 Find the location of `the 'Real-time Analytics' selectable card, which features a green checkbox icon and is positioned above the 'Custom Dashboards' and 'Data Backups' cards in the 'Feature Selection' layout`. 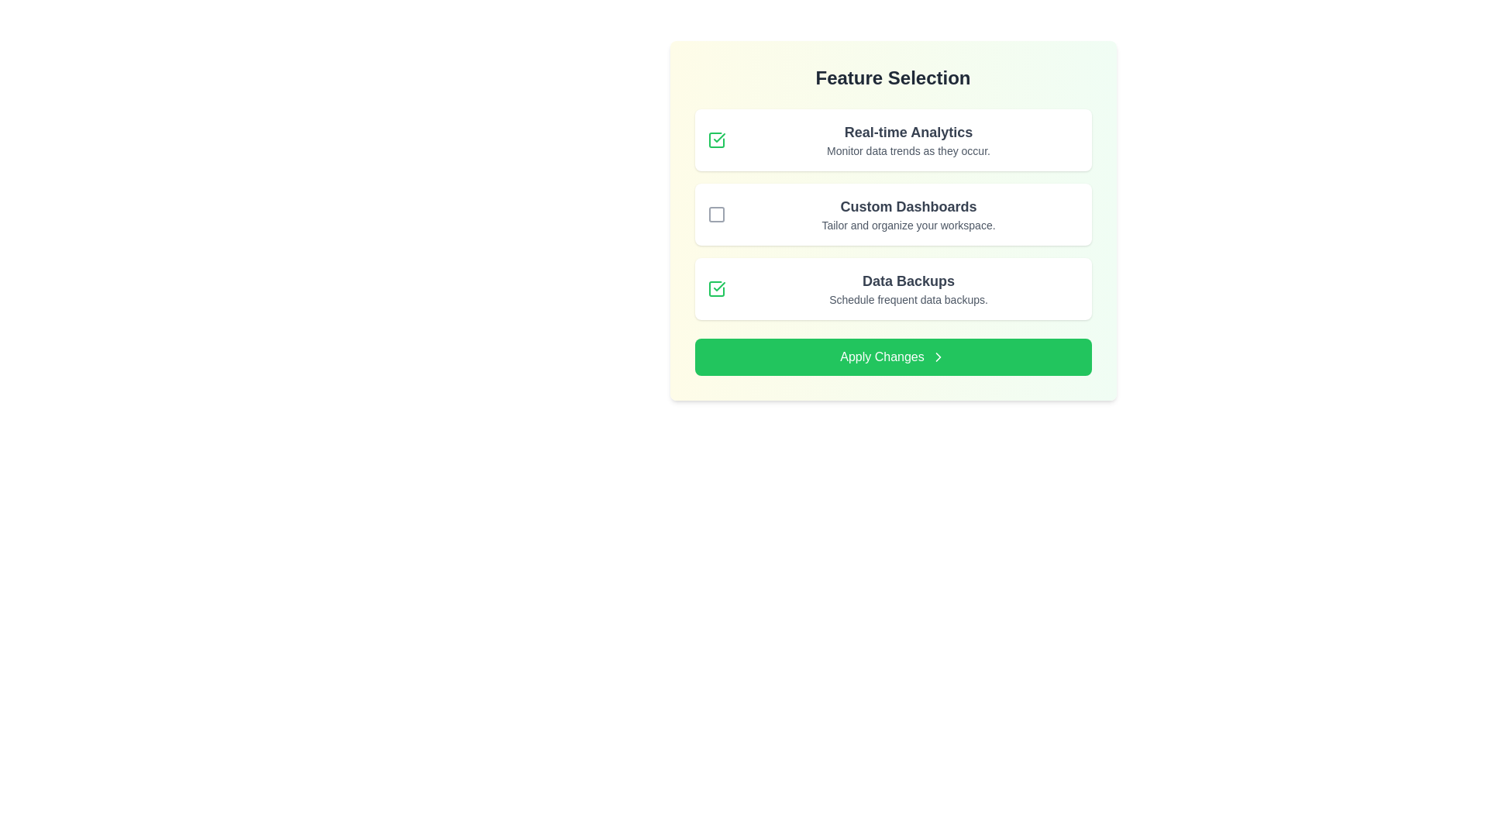

the 'Real-time Analytics' selectable card, which features a green checkbox icon and is positioned above the 'Custom Dashboards' and 'Data Backups' cards in the 'Feature Selection' layout is located at coordinates (893, 140).